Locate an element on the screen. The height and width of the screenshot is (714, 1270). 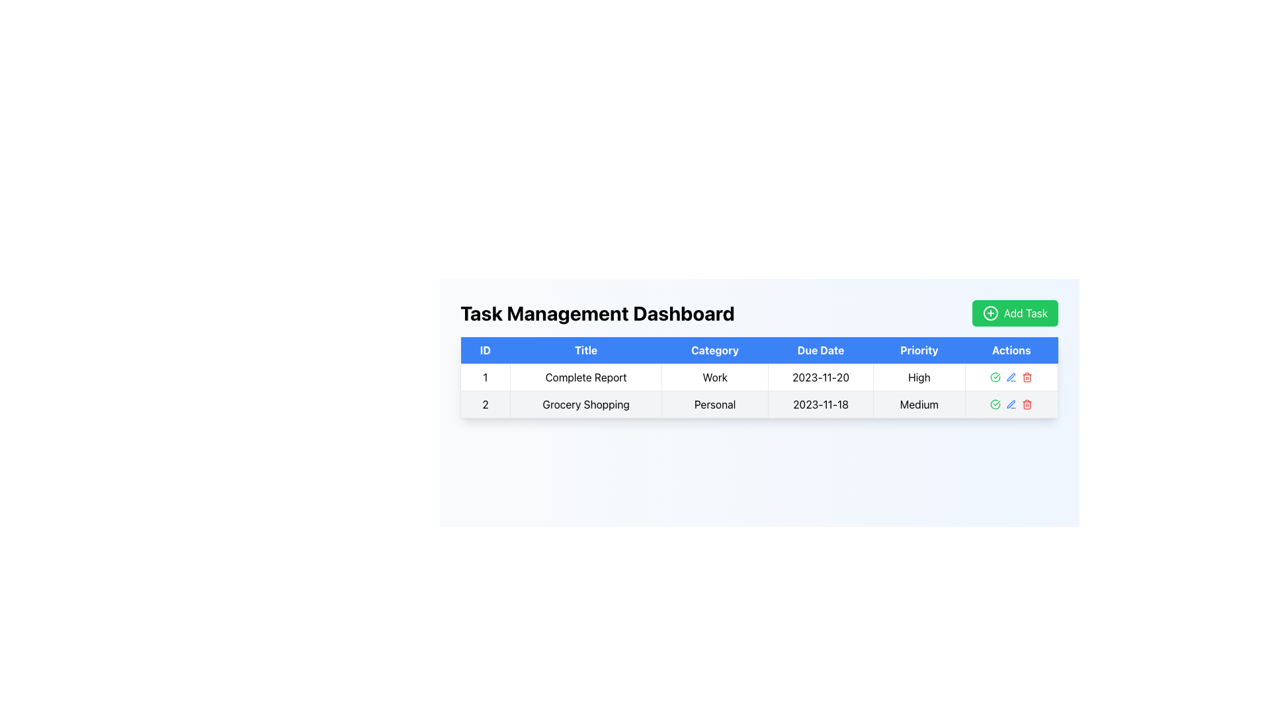
the 'Complete Report' text label located in the second cell of the first row under the 'Title' column for additional actions is located at coordinates (585, 377).